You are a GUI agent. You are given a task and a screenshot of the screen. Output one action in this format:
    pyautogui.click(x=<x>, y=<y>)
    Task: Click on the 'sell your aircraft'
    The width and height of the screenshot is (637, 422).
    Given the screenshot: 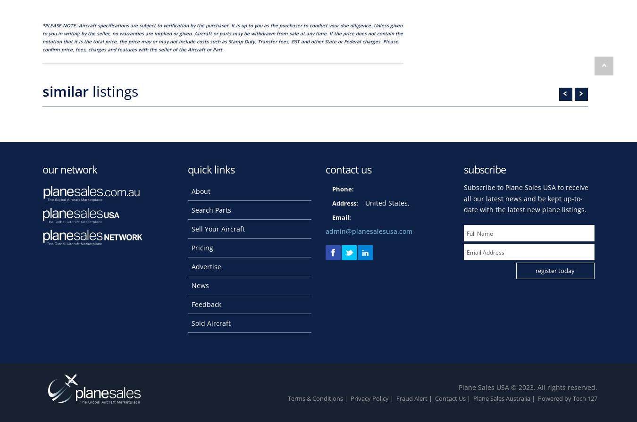 What is the action you would take?
    pyautogui.click(x=217, y=228)
    